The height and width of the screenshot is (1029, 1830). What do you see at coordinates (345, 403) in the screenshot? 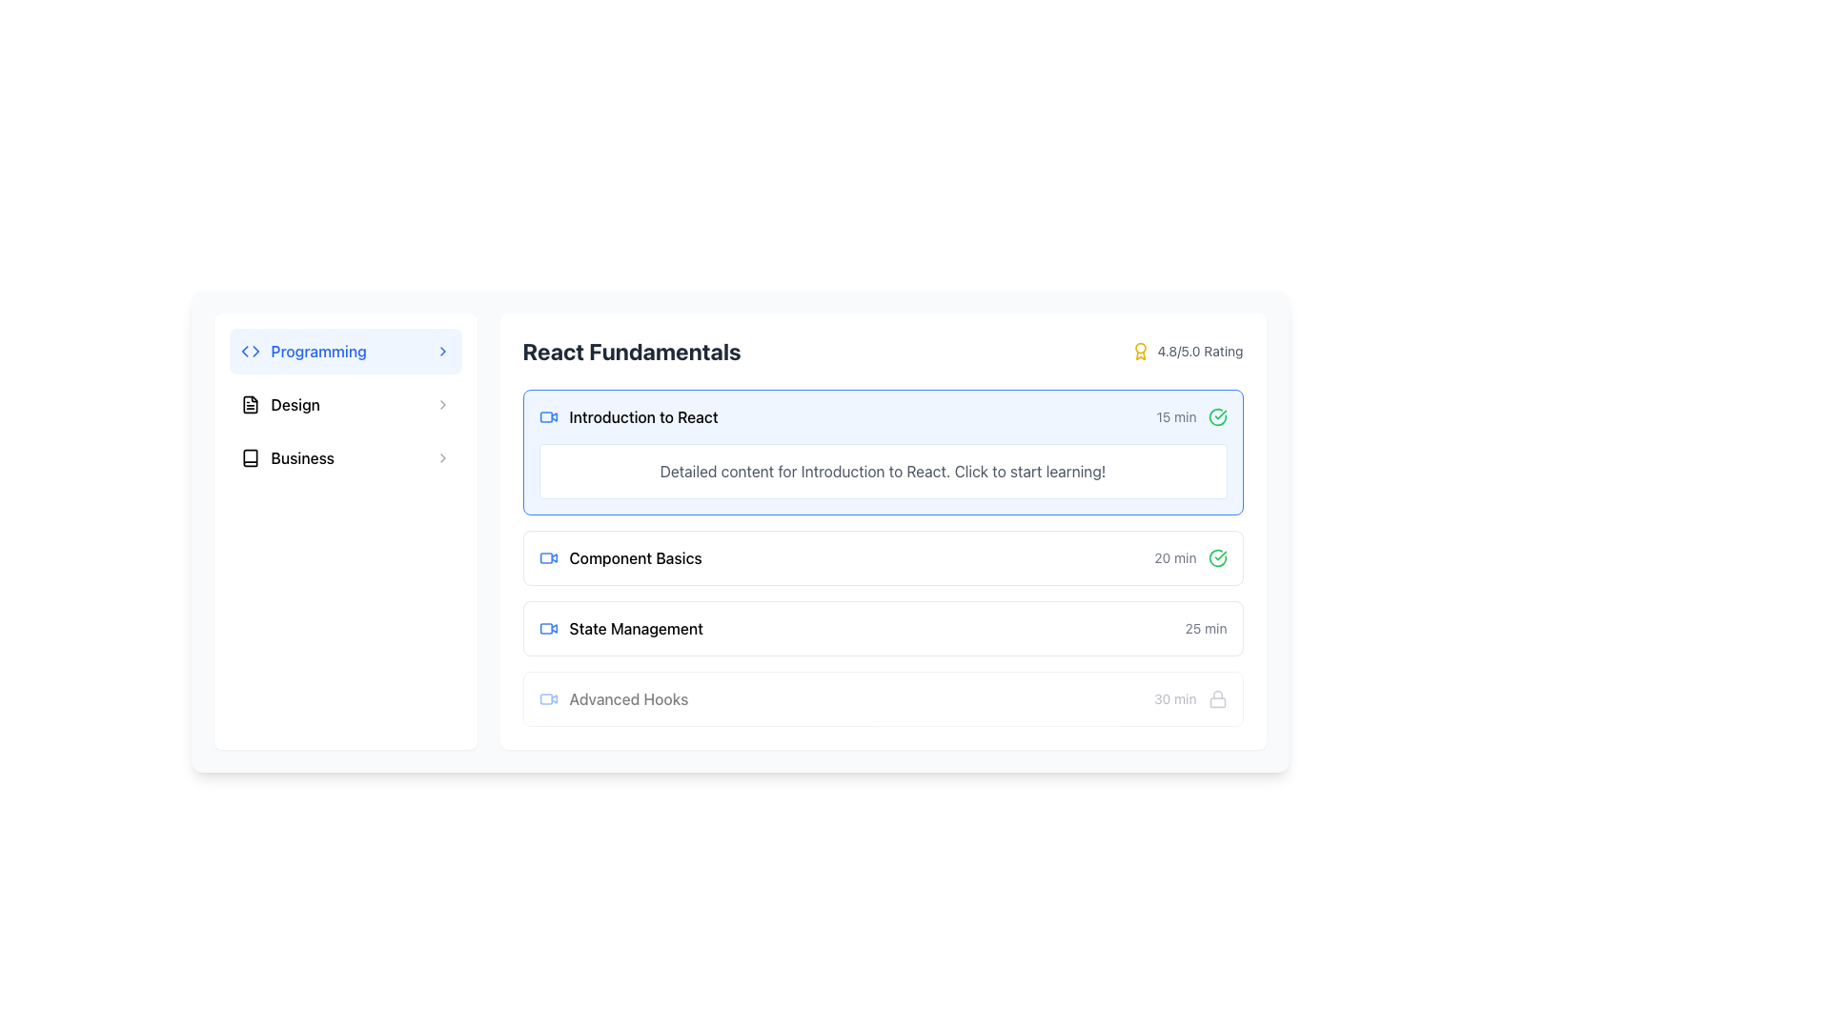
I see `the second navigational list item labeled 'Design' in the left sidebar` at bounding box center [345, 403].